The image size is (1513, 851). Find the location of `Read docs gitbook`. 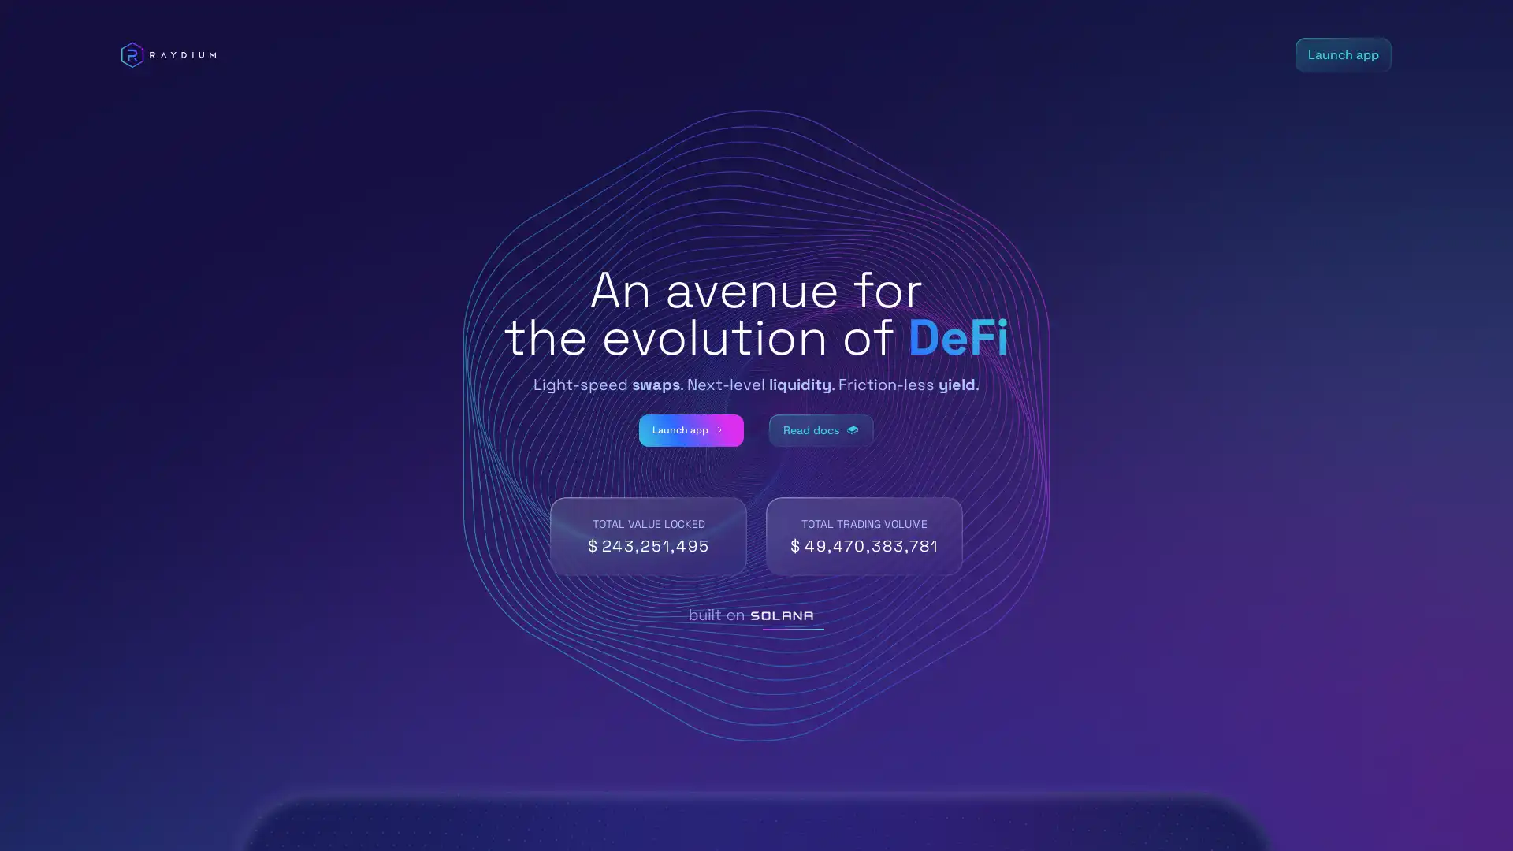

Read docs gitbook is located at coordinates (827, 430).